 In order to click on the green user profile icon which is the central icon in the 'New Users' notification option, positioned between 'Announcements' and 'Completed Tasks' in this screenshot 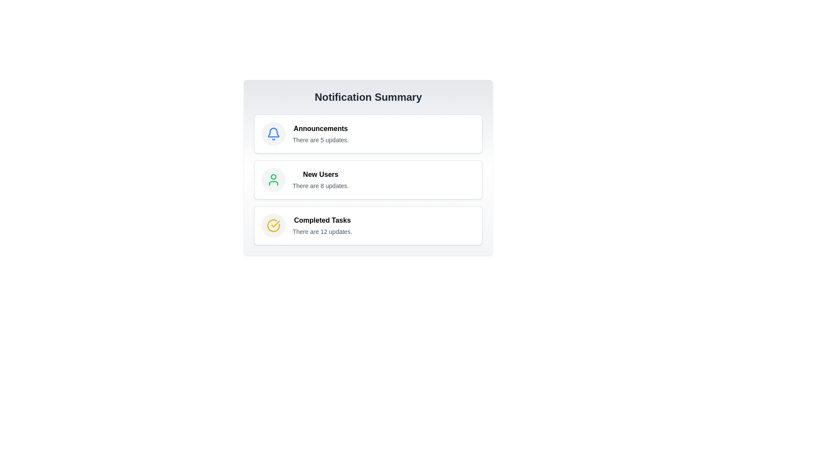, I will do `click(273, 179)`.